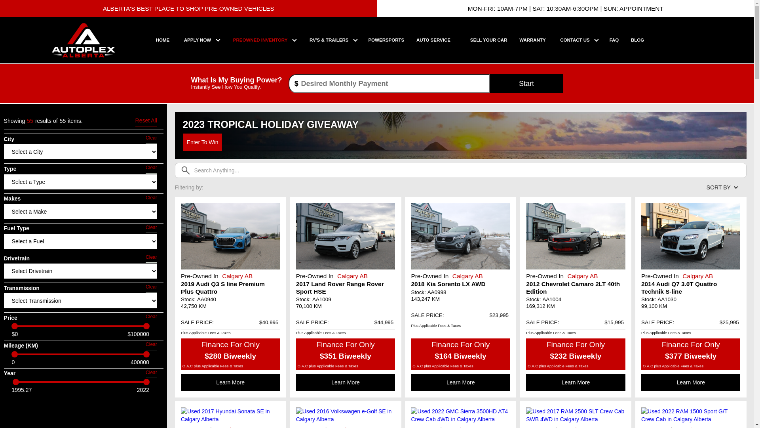  Describe the element at coordinates (460, 382) in the screenshot. I see `'Learn More'` at that location.